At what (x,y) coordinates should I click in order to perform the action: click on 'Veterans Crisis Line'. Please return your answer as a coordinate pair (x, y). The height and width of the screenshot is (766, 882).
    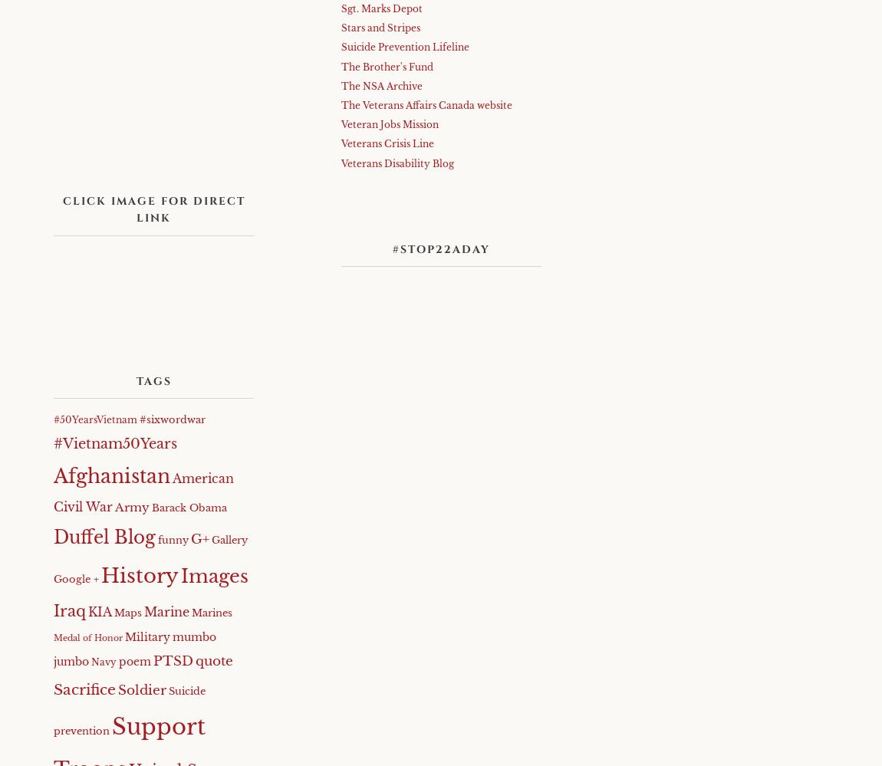
    Looking at the image, I should click on (387, 143).